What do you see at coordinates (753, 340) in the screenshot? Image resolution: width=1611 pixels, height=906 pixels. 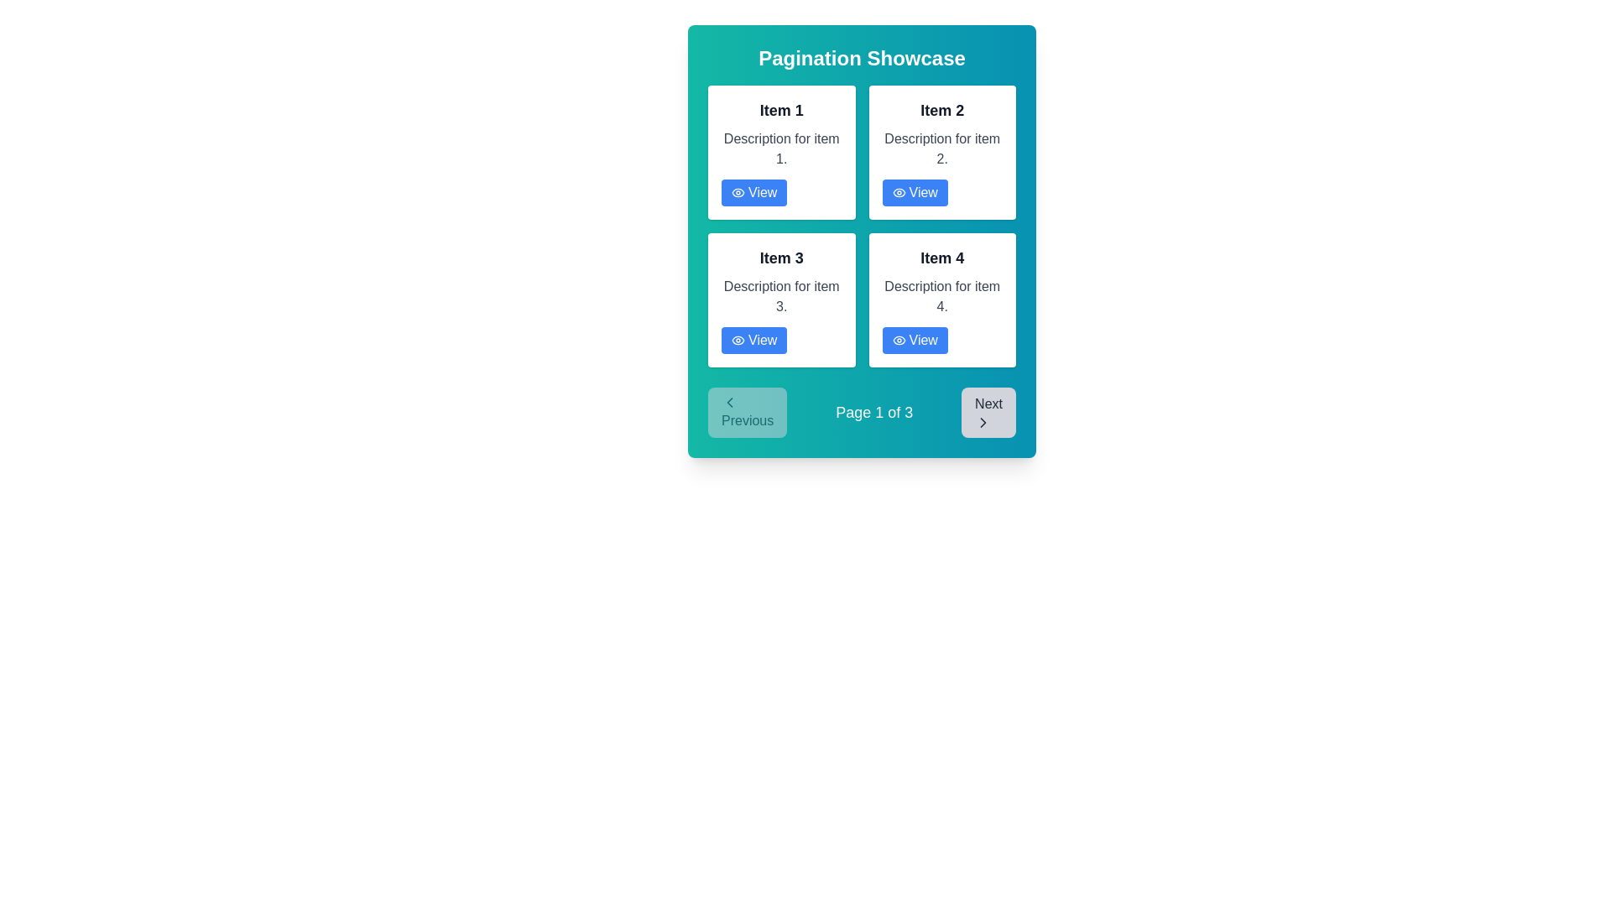 I see `the 'View' button with a blue background and white text, located below 'Item 3' in the lower-left quadrant of the grid layout` at bounding box center [753, 340].